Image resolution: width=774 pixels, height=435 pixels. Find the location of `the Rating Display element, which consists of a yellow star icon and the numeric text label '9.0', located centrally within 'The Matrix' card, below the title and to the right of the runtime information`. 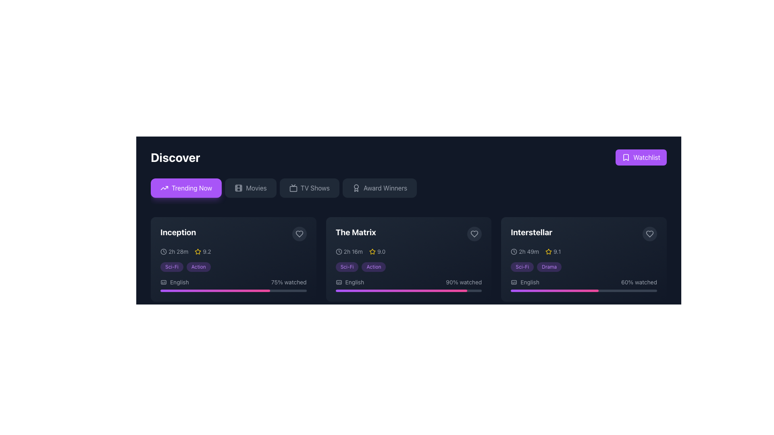

the Rating Display element, which consists of a yellow star icon and the numeric text label '9.0', located centrally within 'The Matrix' card, below the title and to the right of the runtime information is located at coordinates (377, 251).